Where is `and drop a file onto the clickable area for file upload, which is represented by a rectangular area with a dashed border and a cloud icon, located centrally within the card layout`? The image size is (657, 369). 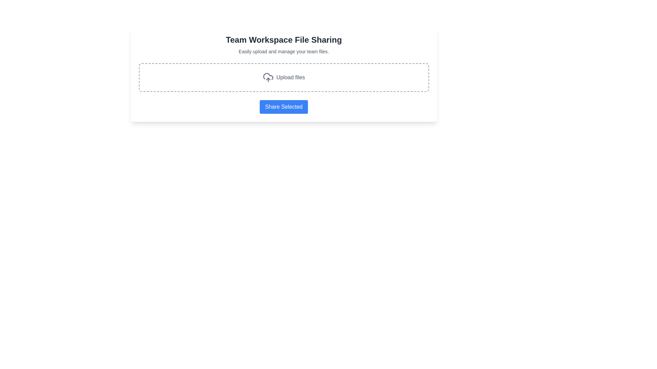
and drop a file onto the clickable area for file upload, which is represented by a rectangular area with a dashed border and a cloud icon, located centrally within the card layout is located at coordinates (284, 77).